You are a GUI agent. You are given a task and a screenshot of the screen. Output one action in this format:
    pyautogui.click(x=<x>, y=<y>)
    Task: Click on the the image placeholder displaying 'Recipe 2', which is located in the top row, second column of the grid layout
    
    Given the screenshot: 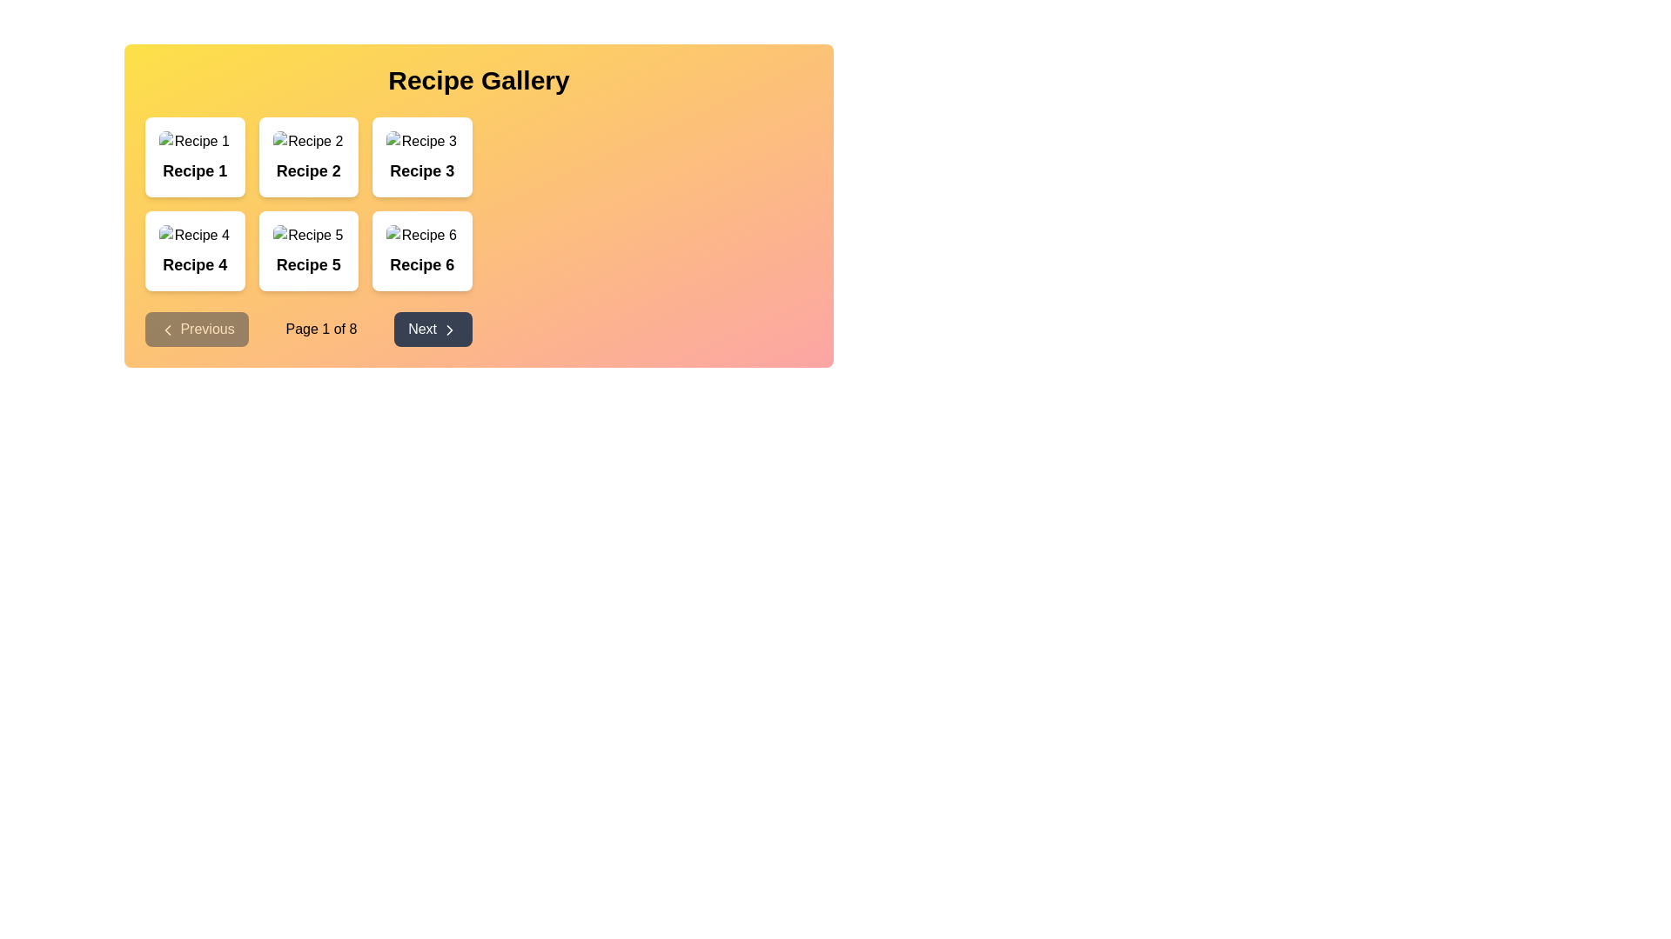 What is the action you would take?
    pyautogui.click(x=308, y=140)
    